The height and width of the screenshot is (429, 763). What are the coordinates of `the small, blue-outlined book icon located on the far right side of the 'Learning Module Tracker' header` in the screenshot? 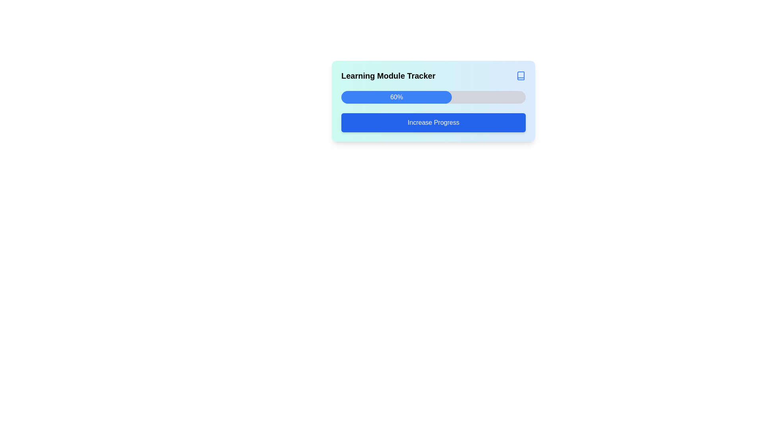 It's located at (521, 76).